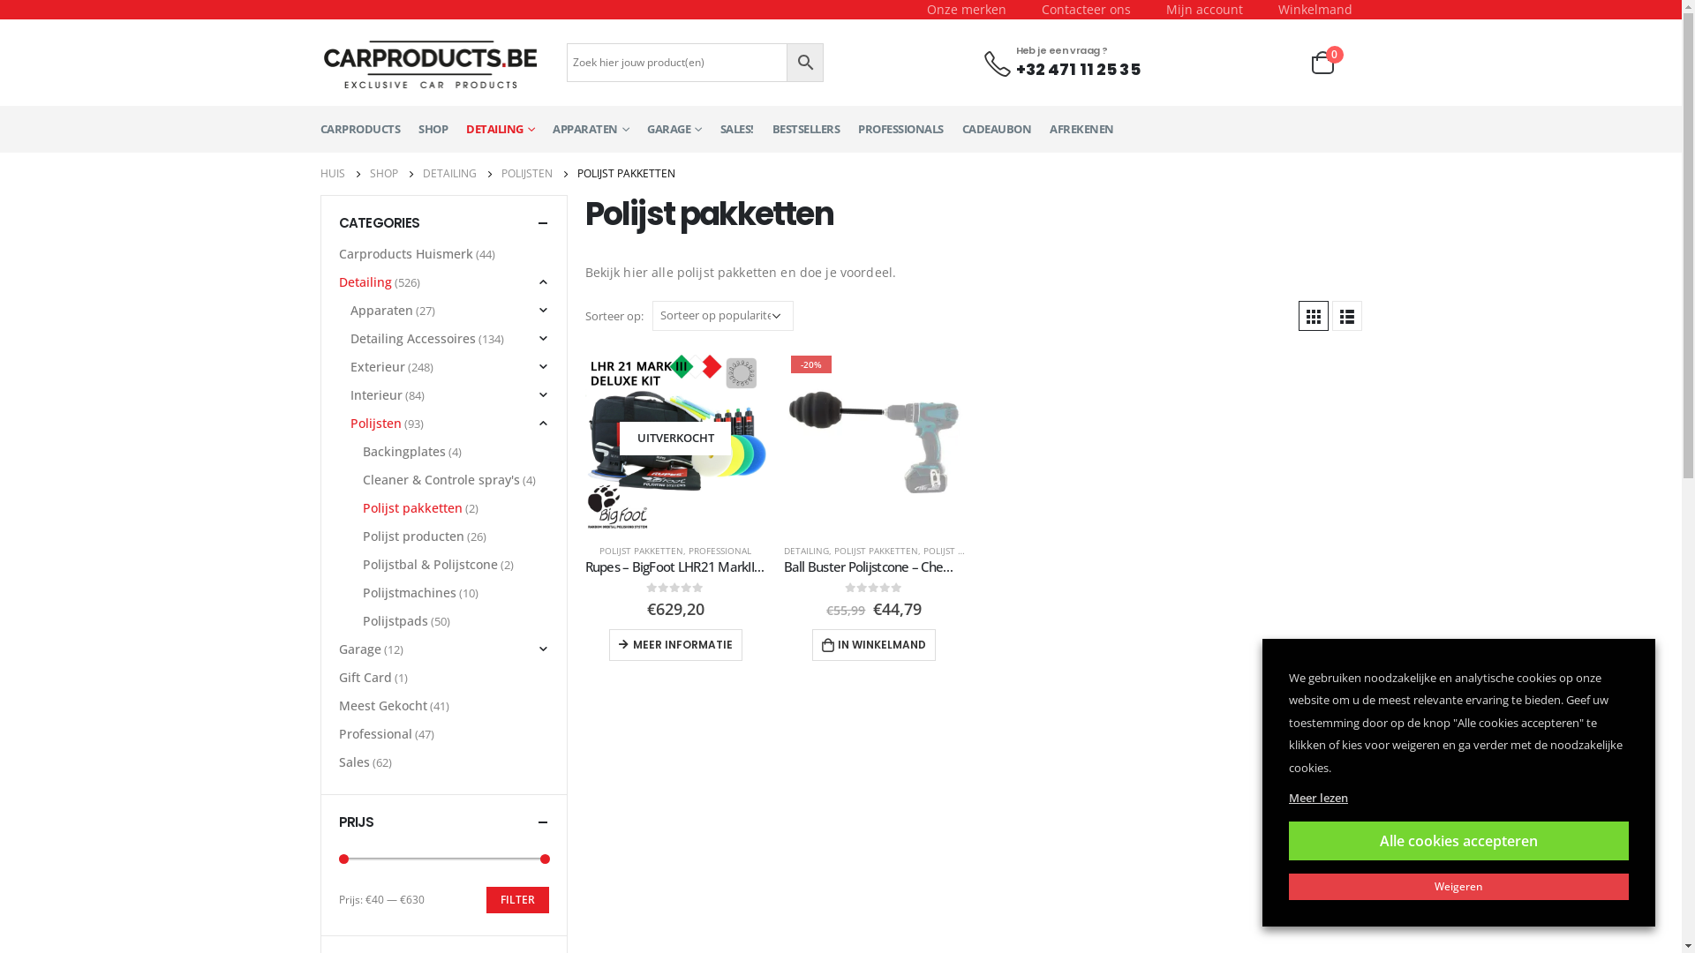  Describe the element at coordinates (1288, 797) in the screenshot. I see `'Meer lezen'` at that location.